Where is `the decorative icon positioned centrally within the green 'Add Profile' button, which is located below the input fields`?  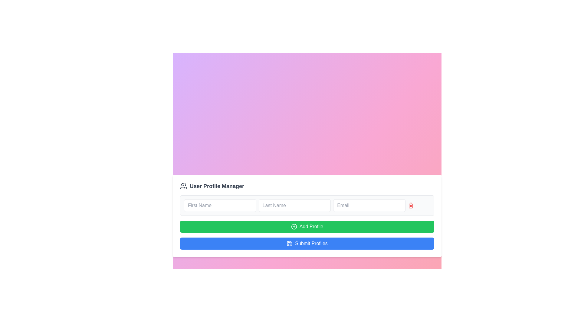
the decorative icon positioned centrally within the green 'Add Profile' button, which is located below the input fields is located at coordinates (294, 227).